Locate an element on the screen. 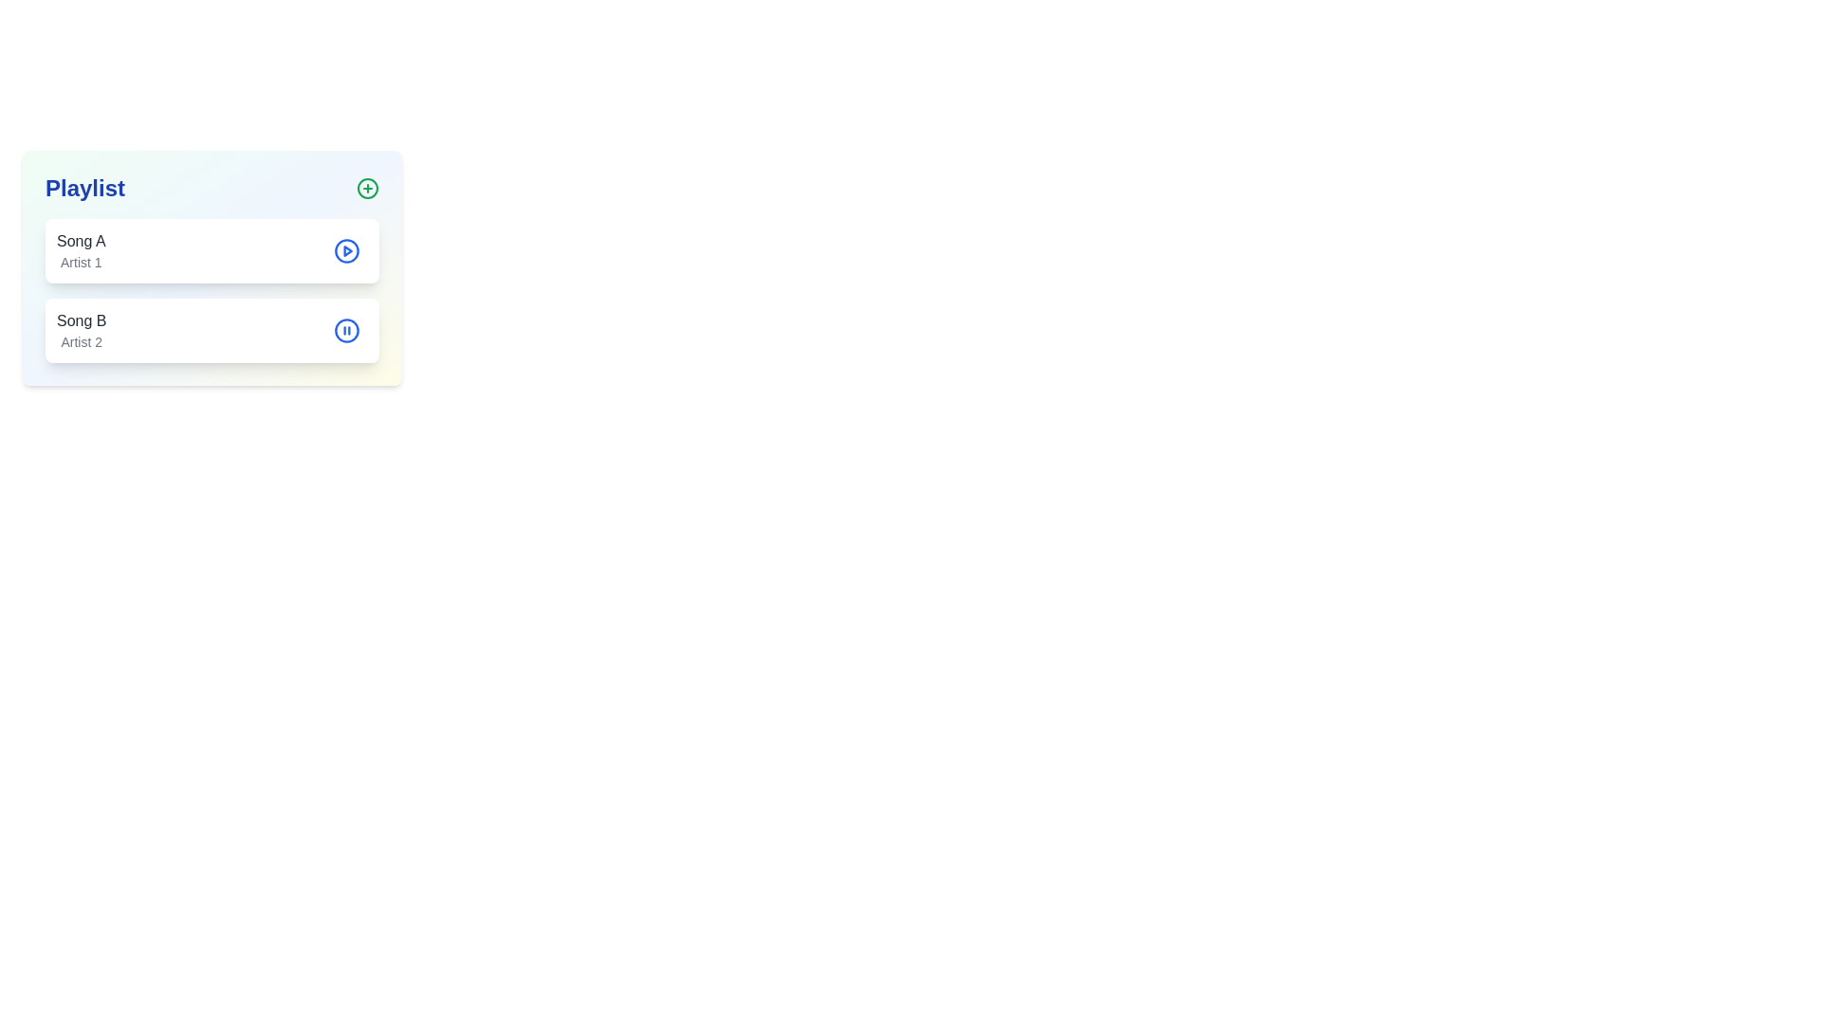  the text label that indicates the artist's name for 'Song B', located in the lower half of the playlist interface, in the second row beneath the song title is located at coordinates (81, 342).